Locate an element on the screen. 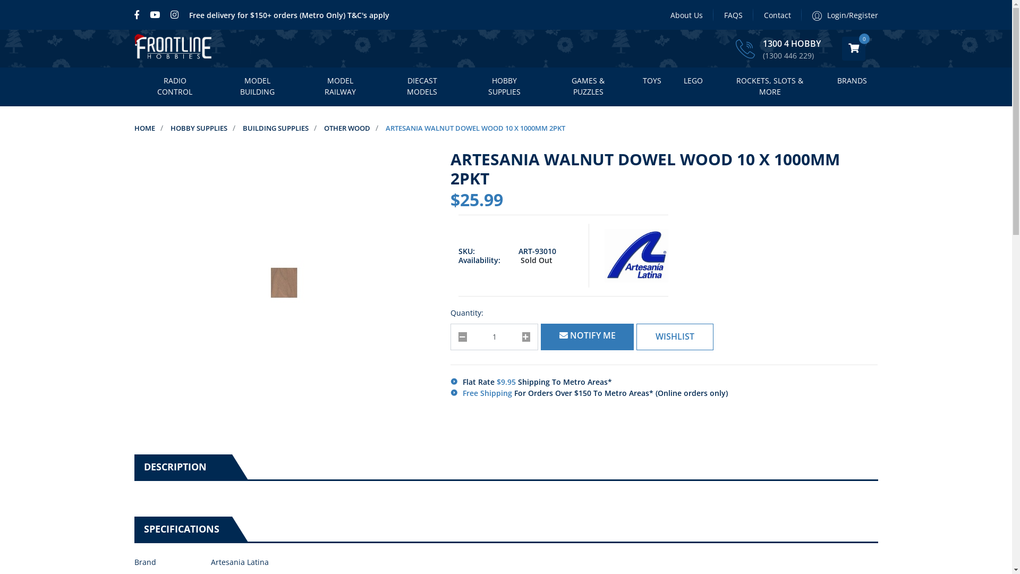  'WISHLIST' is located at coordinates (674, 336).